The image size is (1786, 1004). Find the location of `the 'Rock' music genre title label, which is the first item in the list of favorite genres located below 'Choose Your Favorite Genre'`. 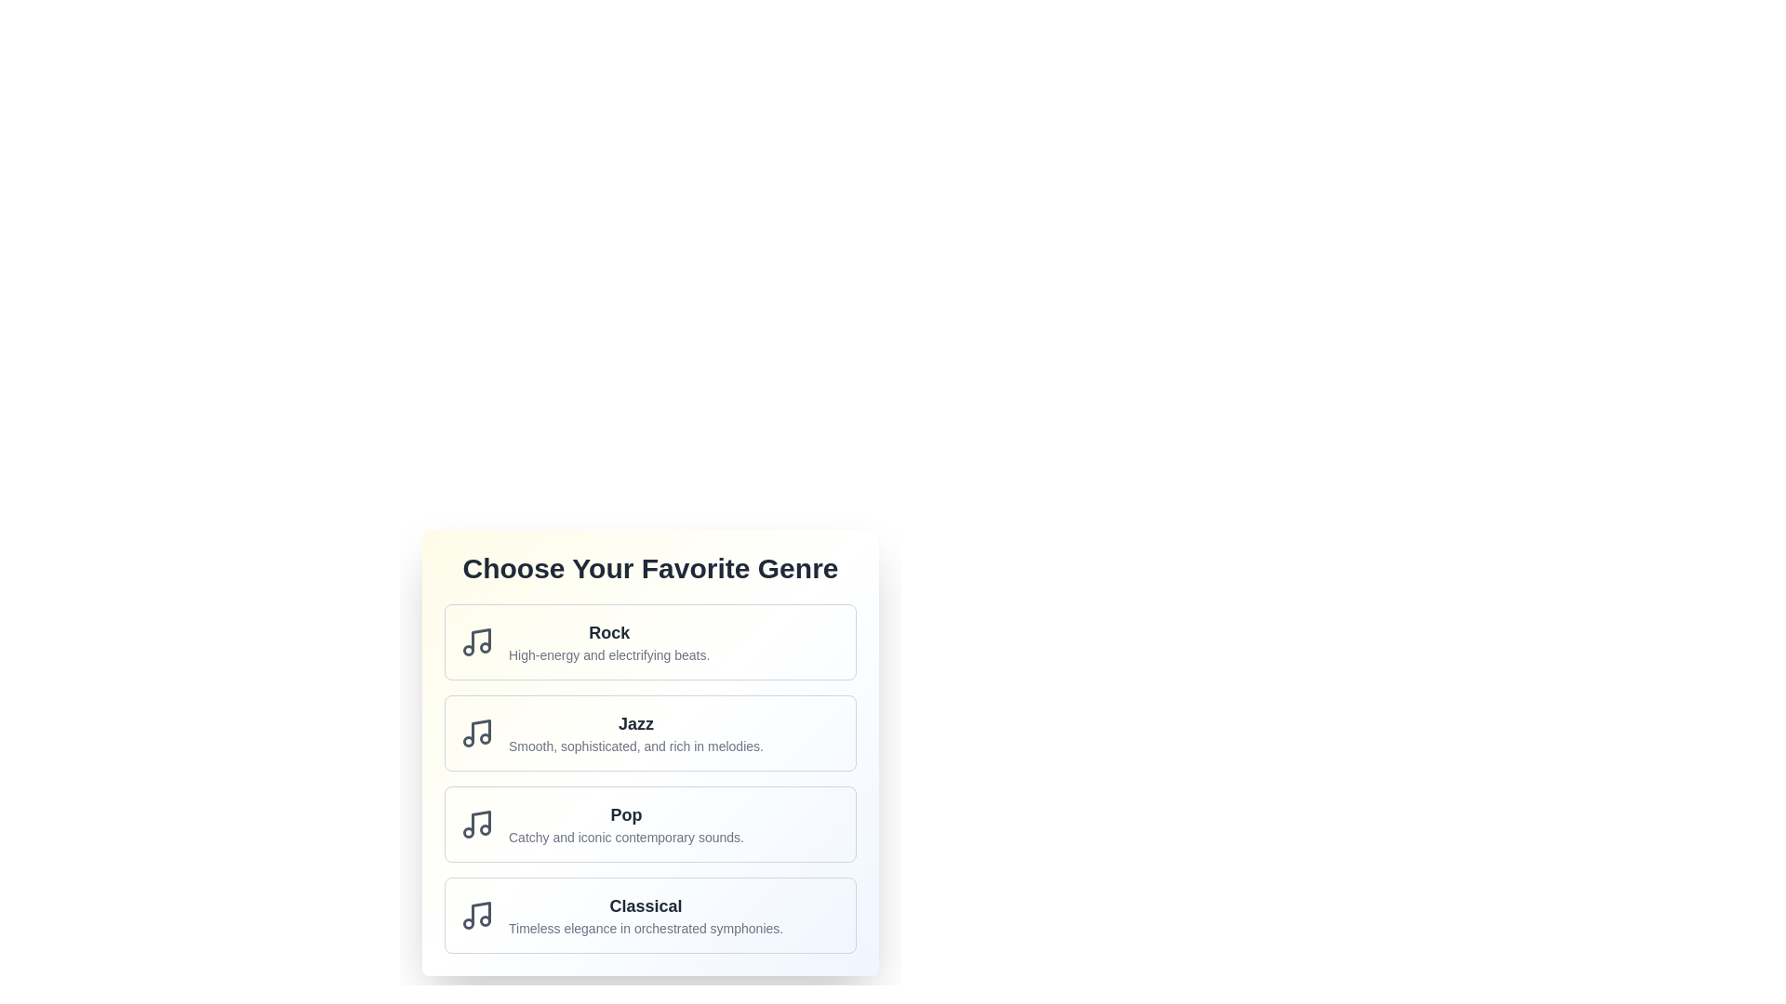

the 'Rock' music genre title label, which is the first item in the list of favorite genres located below 'Choose Your Favorite Genre' is located at coordinates (609, 632).